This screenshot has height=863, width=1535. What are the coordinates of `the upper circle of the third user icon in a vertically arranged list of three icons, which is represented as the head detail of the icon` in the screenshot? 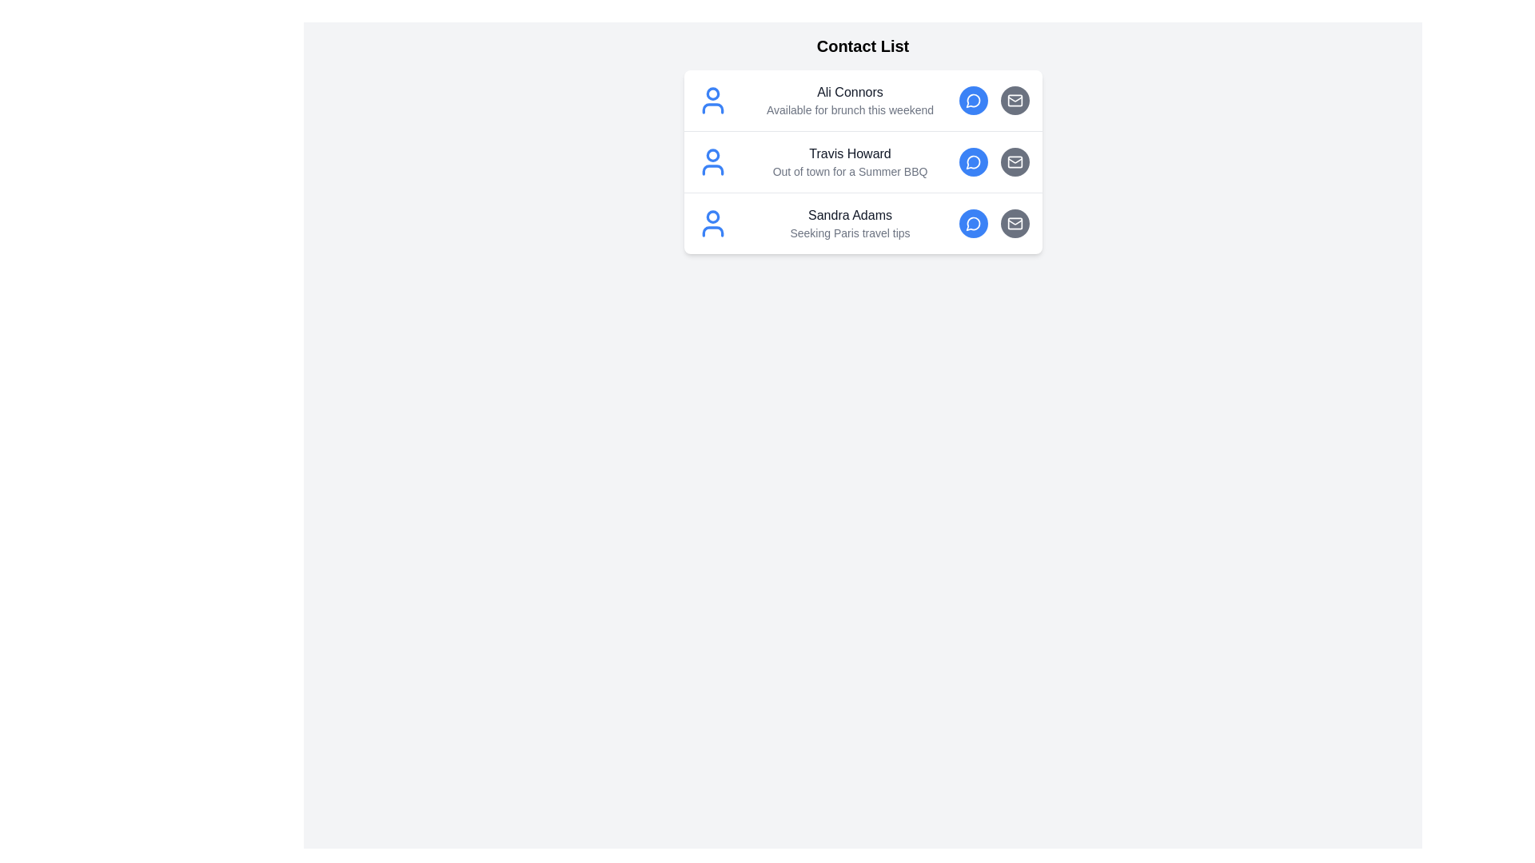 It's located at (712, 217).